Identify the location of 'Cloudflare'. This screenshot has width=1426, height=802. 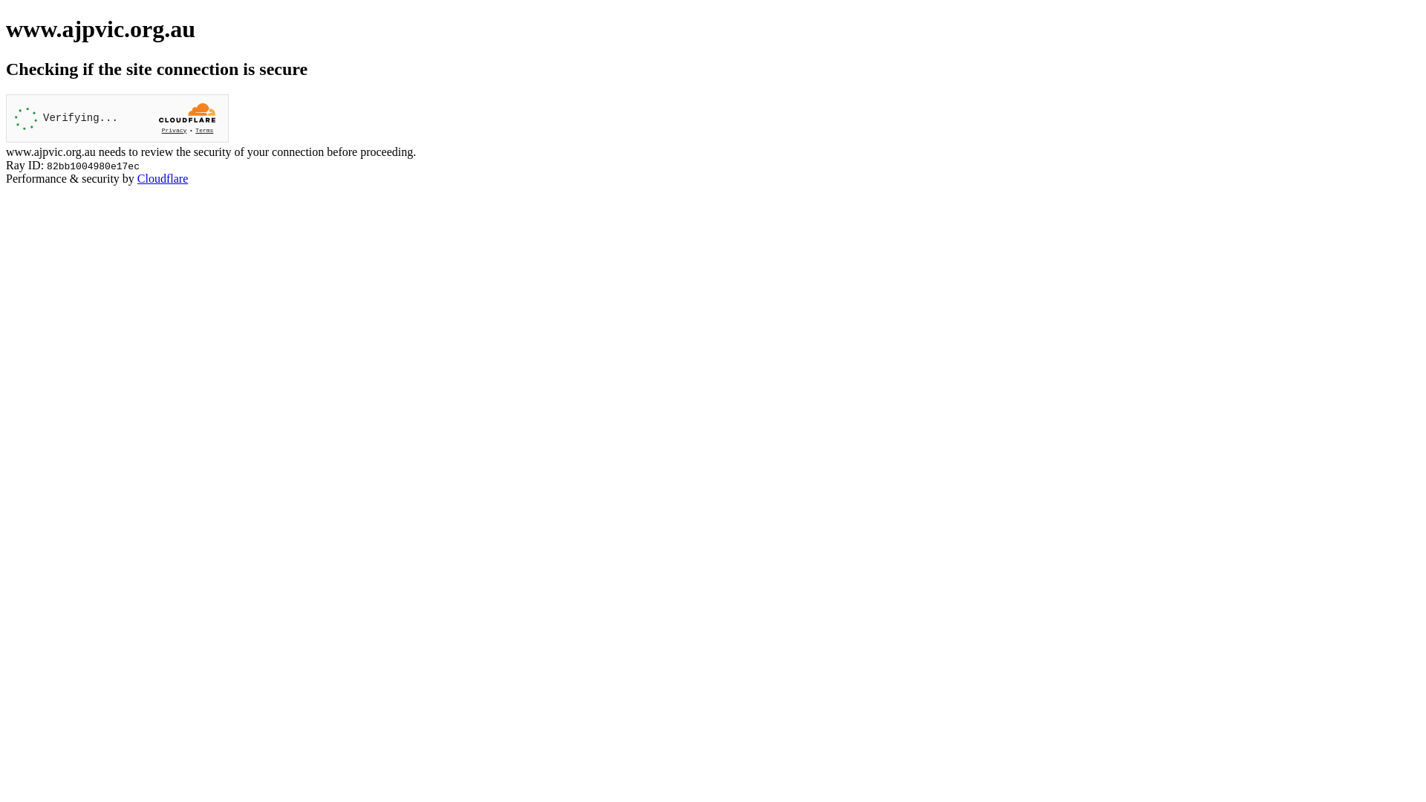
(163, 177).